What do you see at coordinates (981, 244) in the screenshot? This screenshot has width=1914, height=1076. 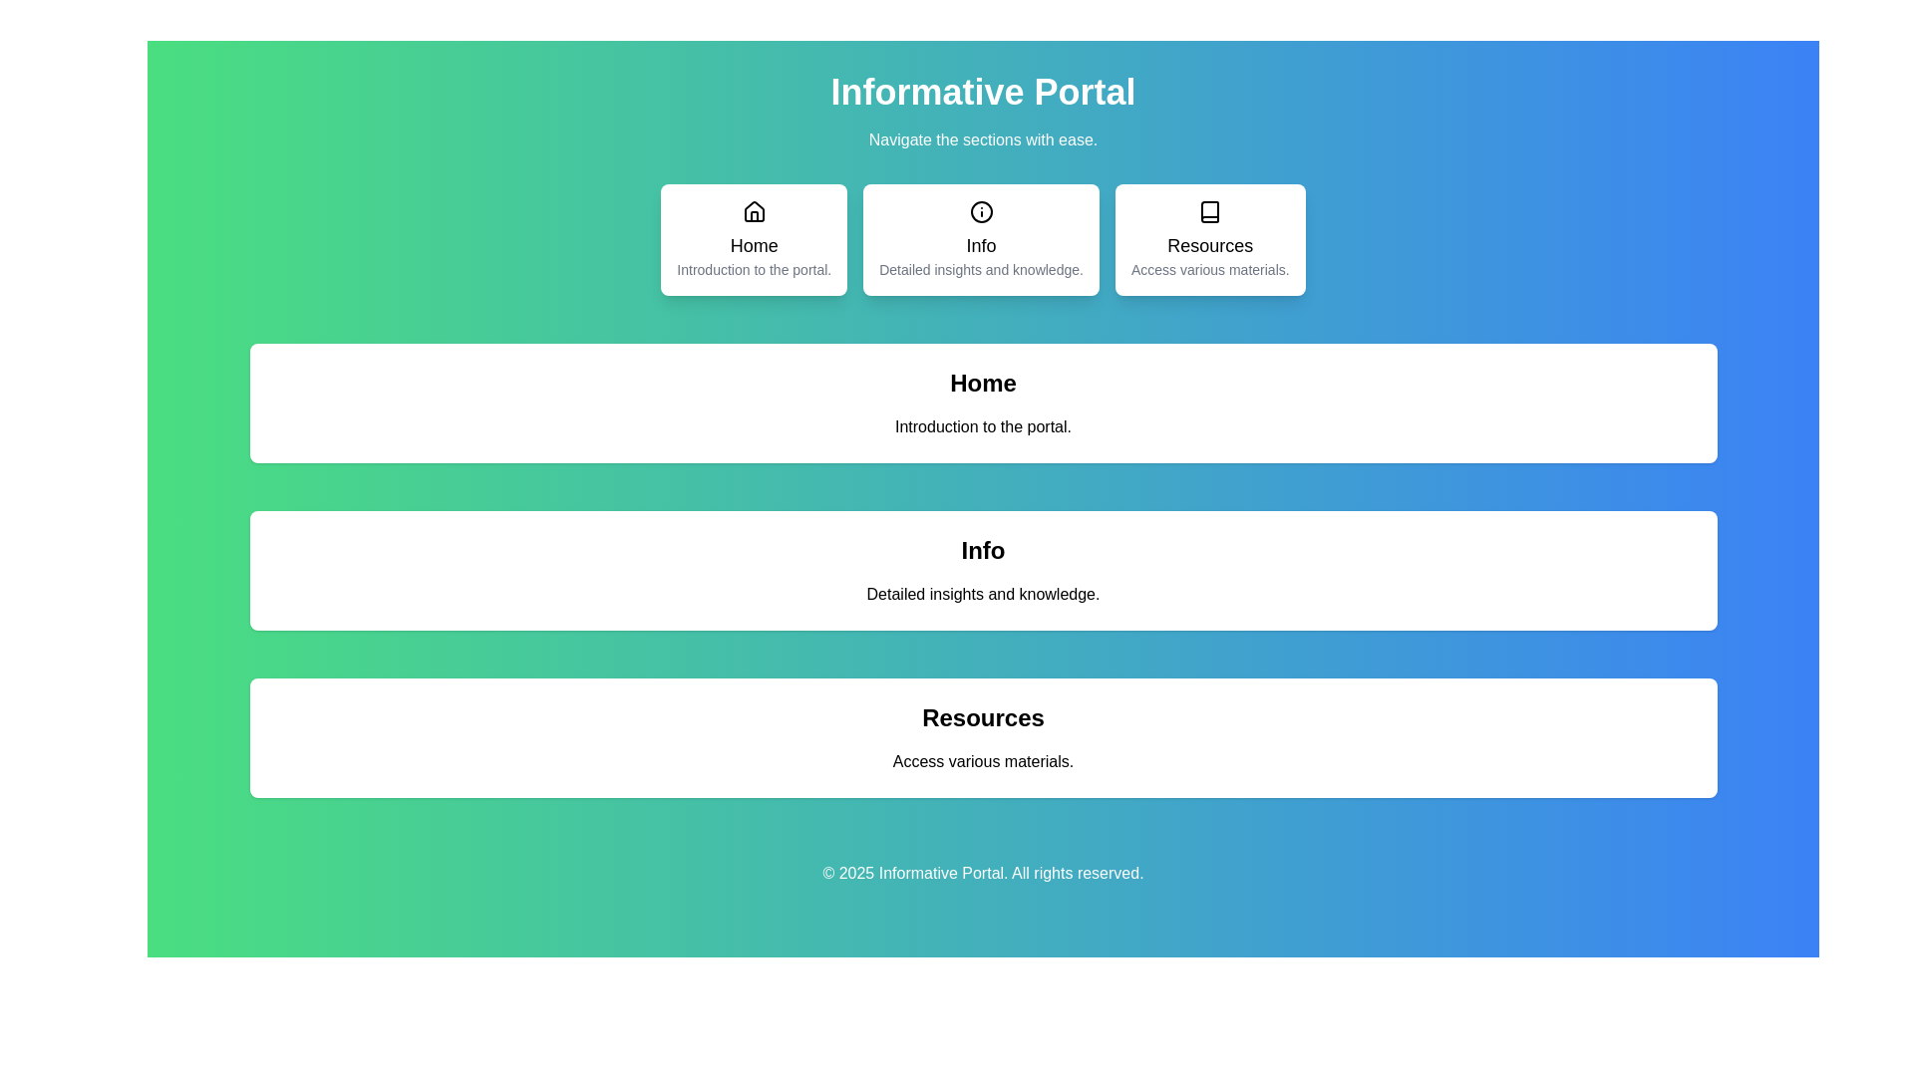 I see `'Info' text label, which is displayed in bold font and located centrally under a circular icon in the middle section of the middle card among three horizontally aligned cards` at bounding box center [981, 244].